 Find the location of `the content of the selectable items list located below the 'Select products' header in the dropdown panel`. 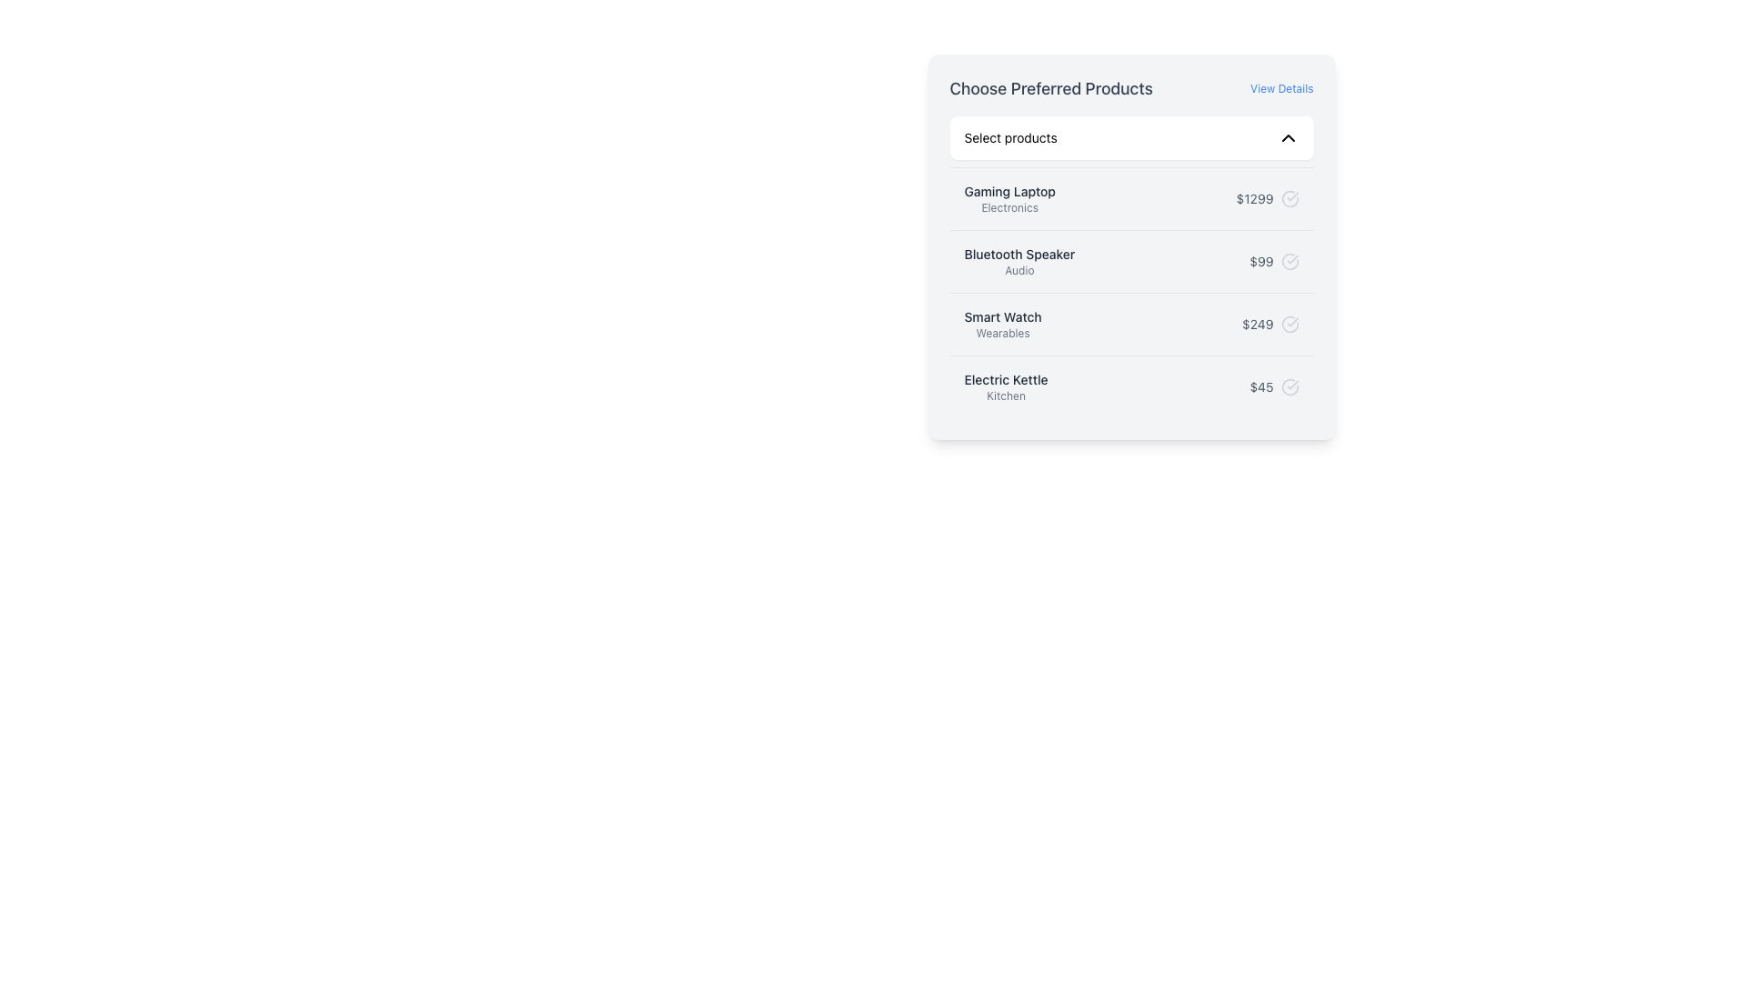

the content of the selectable items list located below the 'Select products' header in the dropdown panel is located at coordinates (1130, 291).